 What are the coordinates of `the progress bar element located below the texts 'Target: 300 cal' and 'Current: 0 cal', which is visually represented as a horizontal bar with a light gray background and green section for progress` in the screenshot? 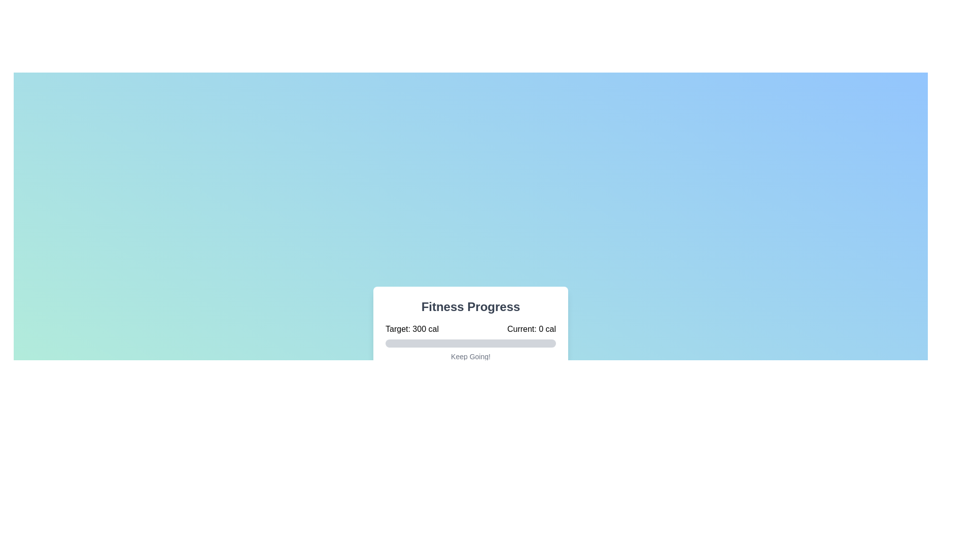 It's located at (470, 343).